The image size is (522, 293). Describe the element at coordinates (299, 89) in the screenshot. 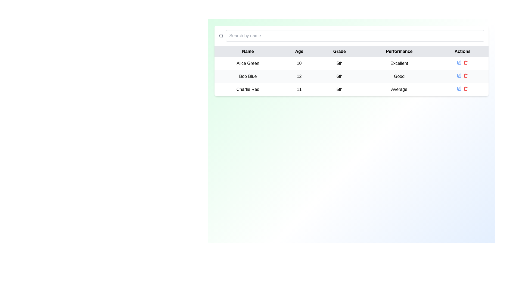

I see `the text display showing '11' in the 'Age' column of the table associated with 'Charlie Red'` at that location.